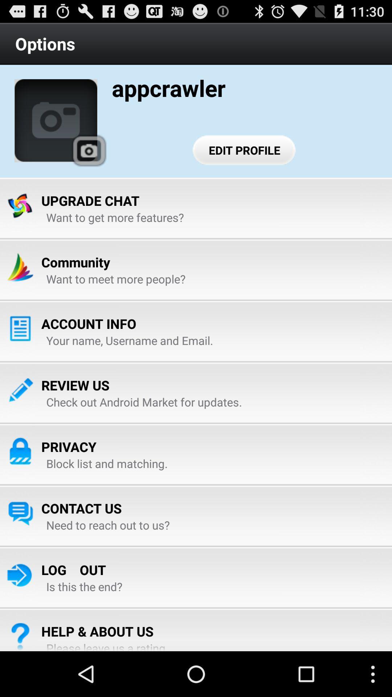 This screenshot has width=392, height=697. Describe the element at coordinates (73, 569) in the screenshot. I see `the icon above the is this the icon` at that location.